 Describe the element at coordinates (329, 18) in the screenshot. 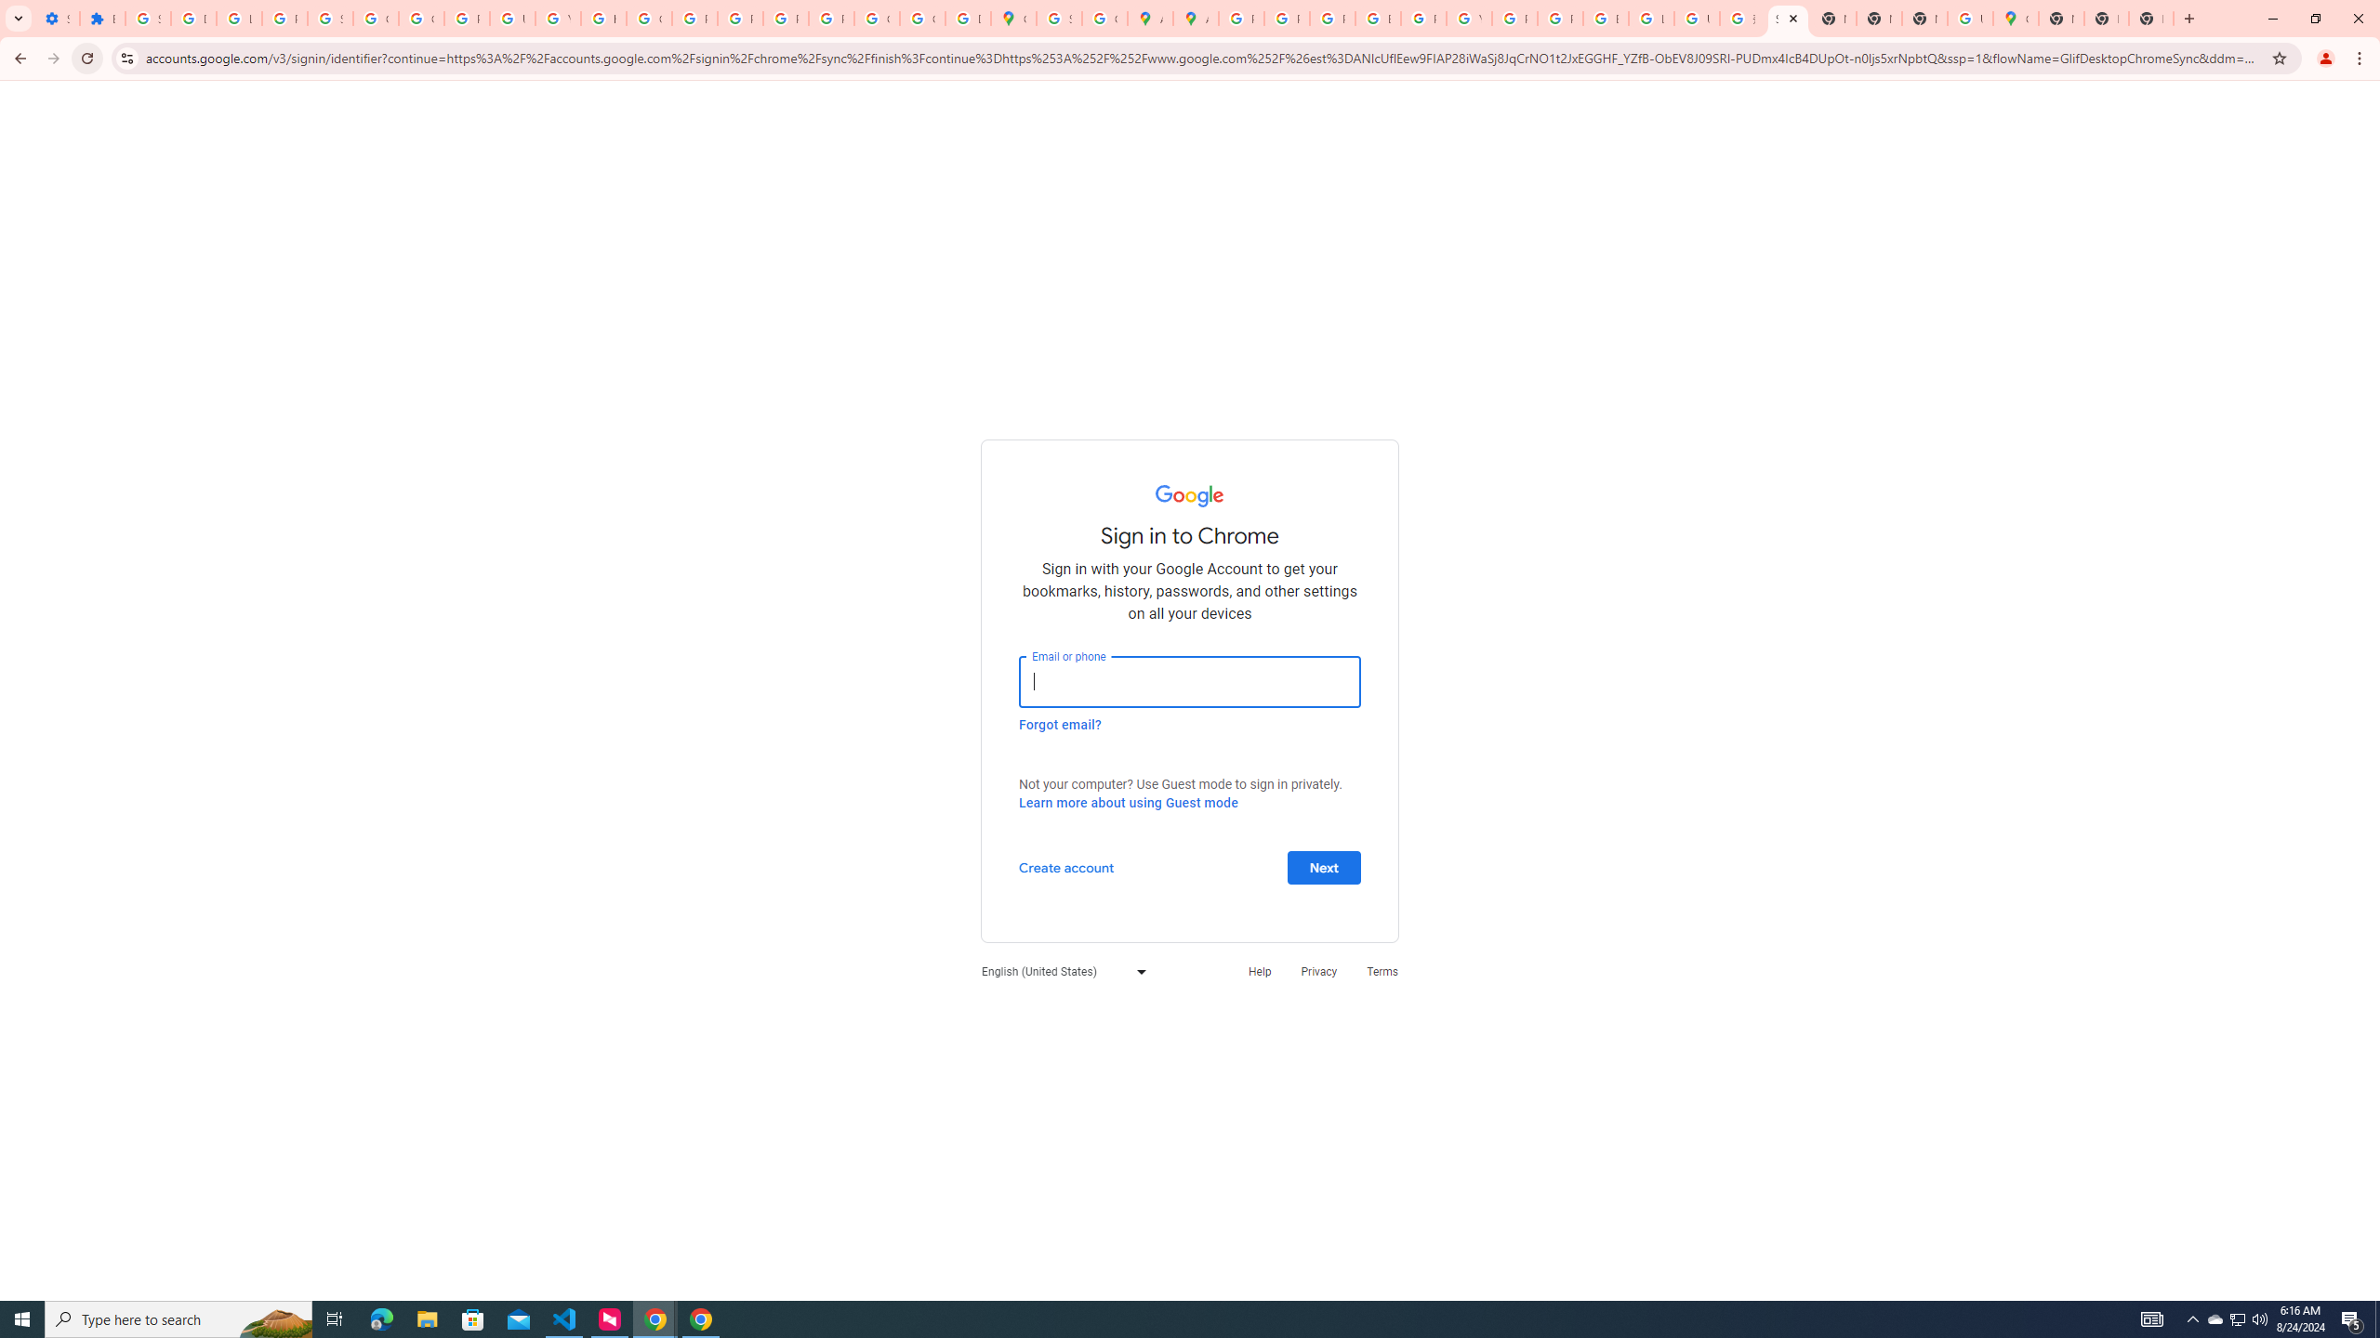

I see `'Sign in - Google Accounts'` at that location.